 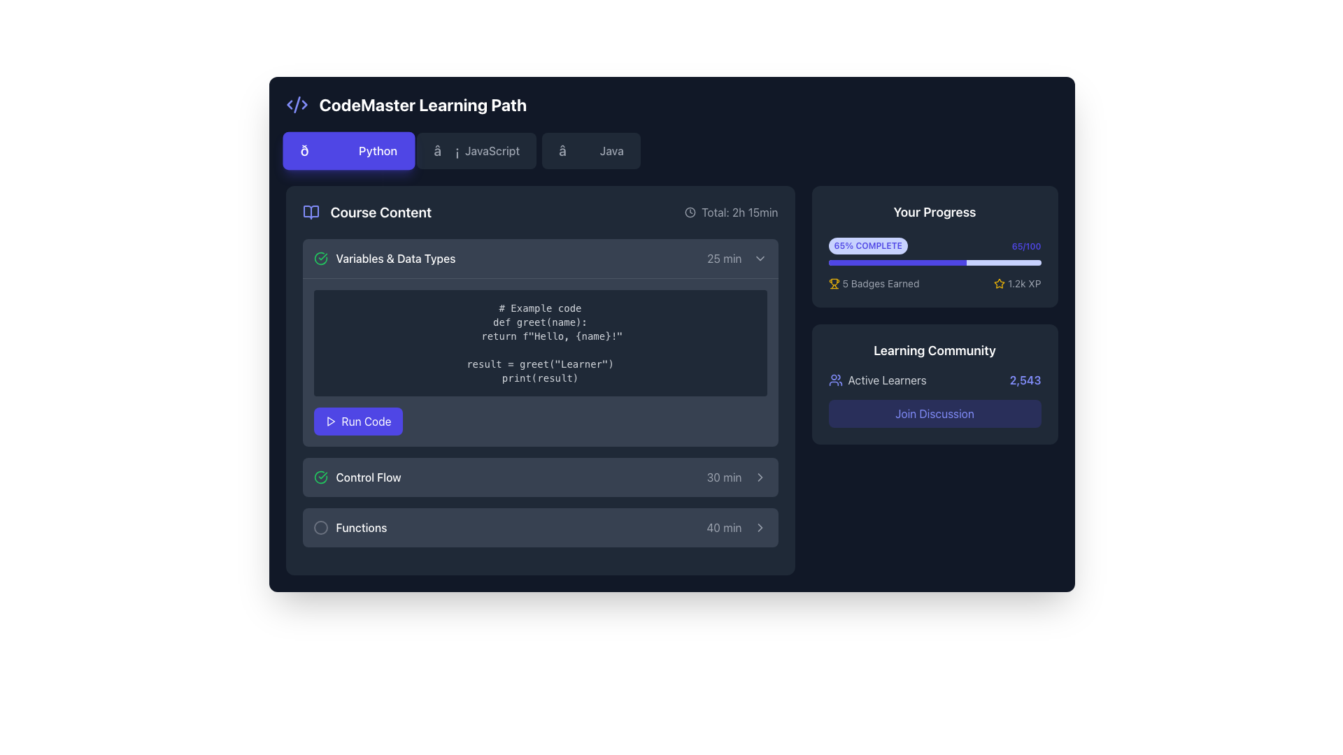 I want to click on the informational text label displaying the time duration of the content module in the header section of the collapsible content card under 'Variables & Data Types', so click(x=724, y=259).